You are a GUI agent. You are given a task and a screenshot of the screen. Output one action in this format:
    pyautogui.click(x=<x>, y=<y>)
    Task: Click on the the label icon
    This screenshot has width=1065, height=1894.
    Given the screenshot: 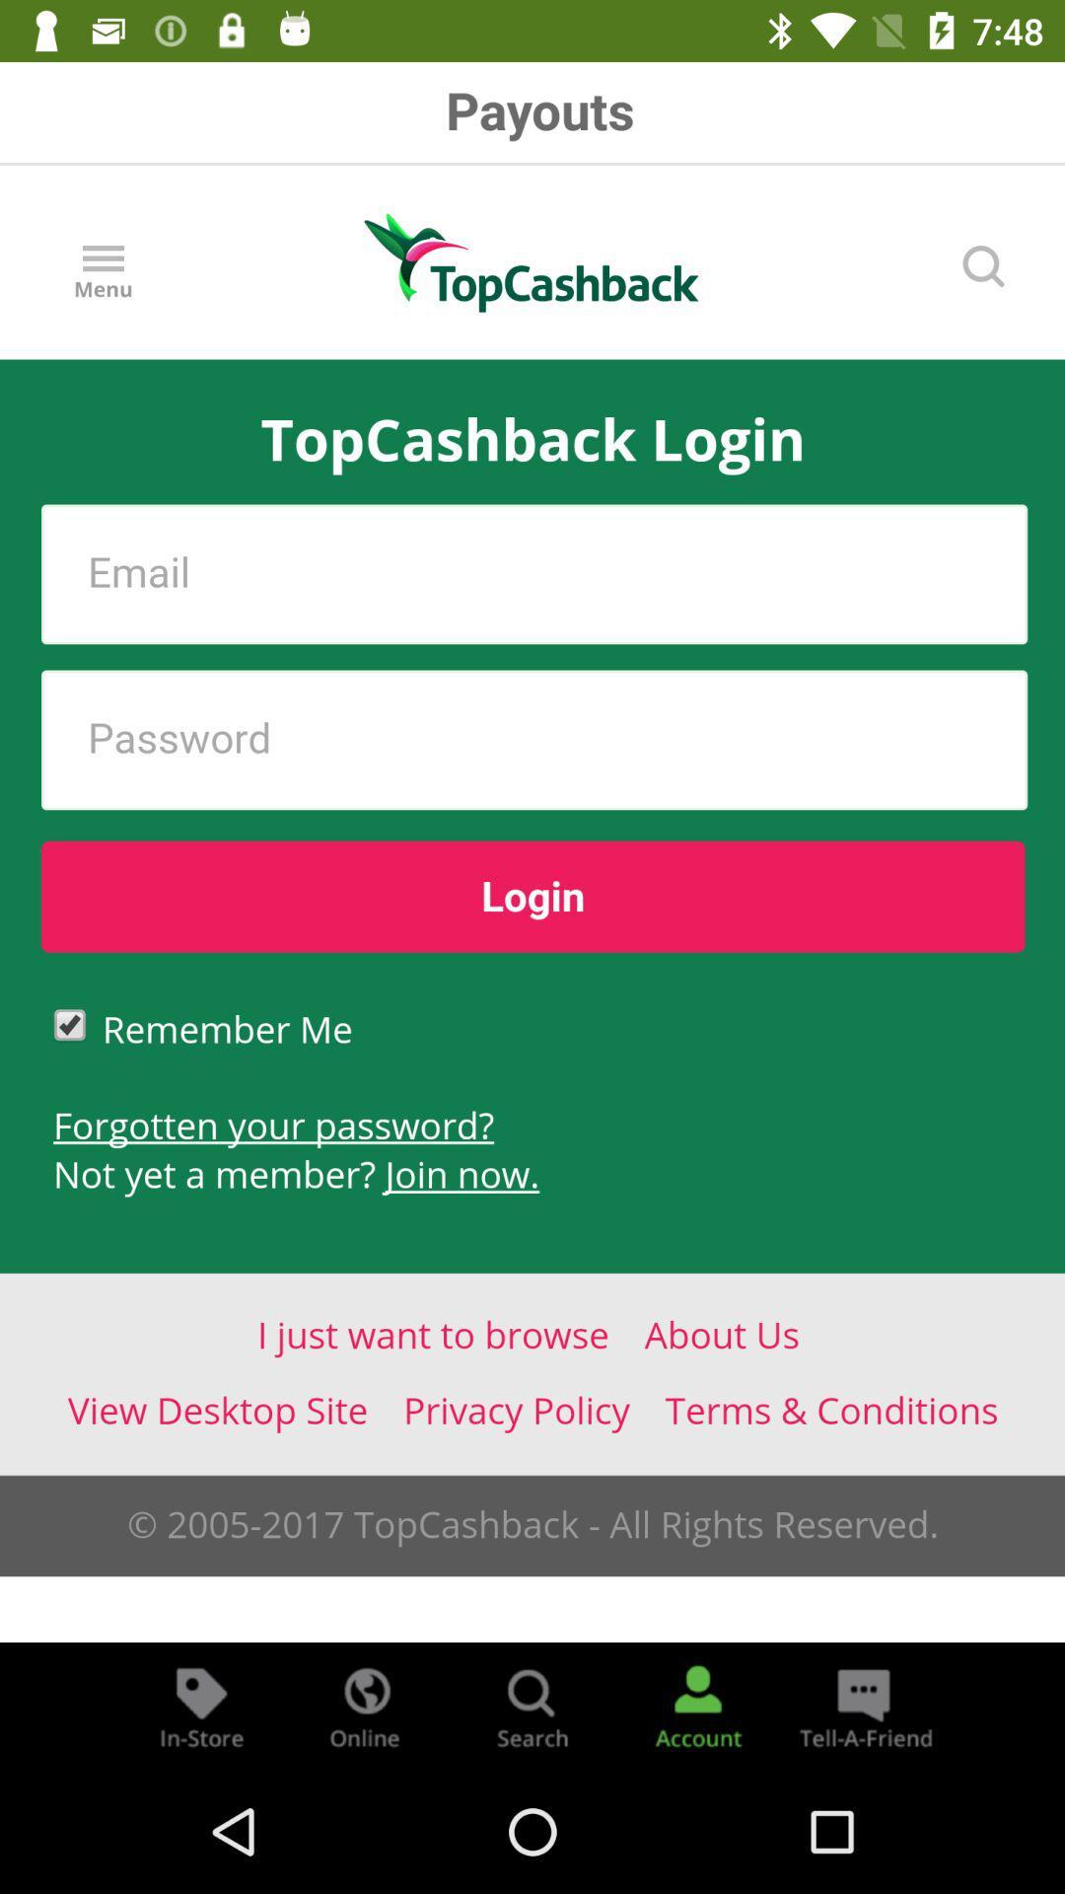 What is the action you would take?
    pyautogui.click(x=201, y=1705)
    